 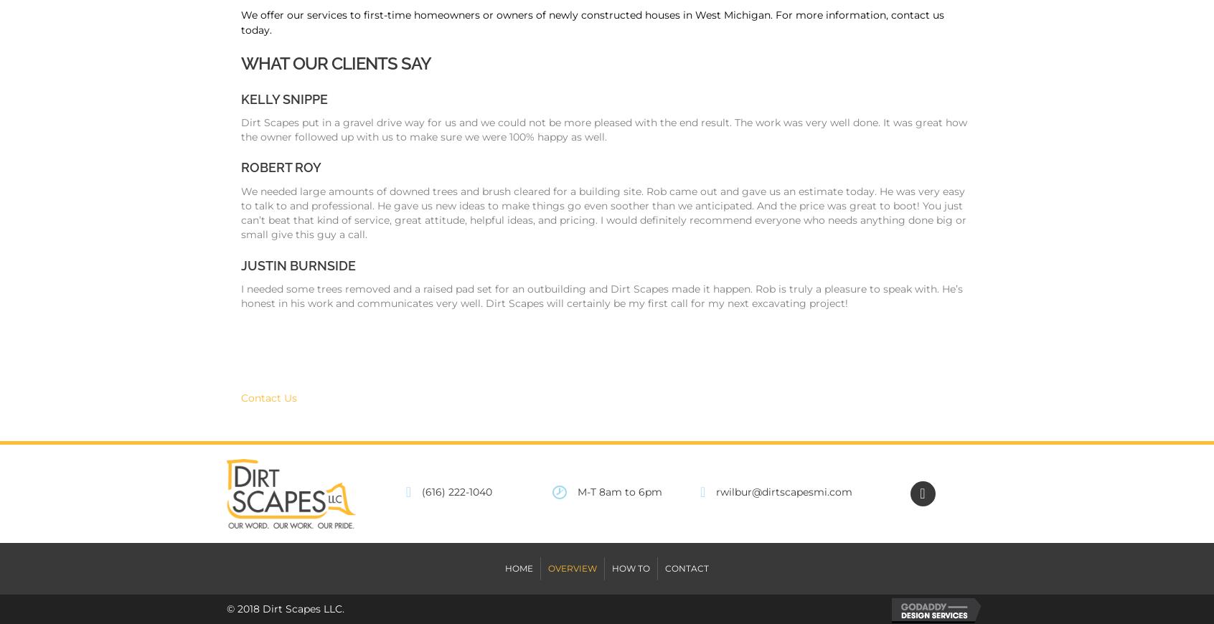 I want to click on 'Robert Roy', so click(x=281, y=167).